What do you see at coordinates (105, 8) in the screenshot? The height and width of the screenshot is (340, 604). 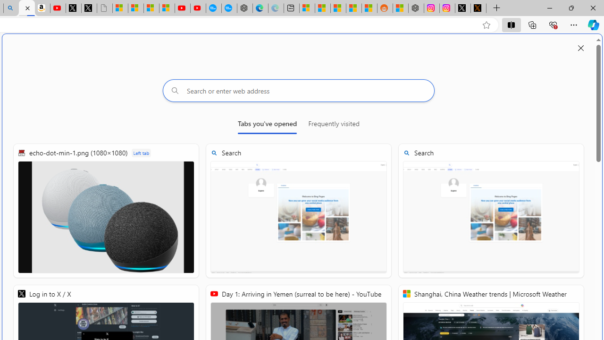 I see `'Untitled'` at bounding box center [105, 8].